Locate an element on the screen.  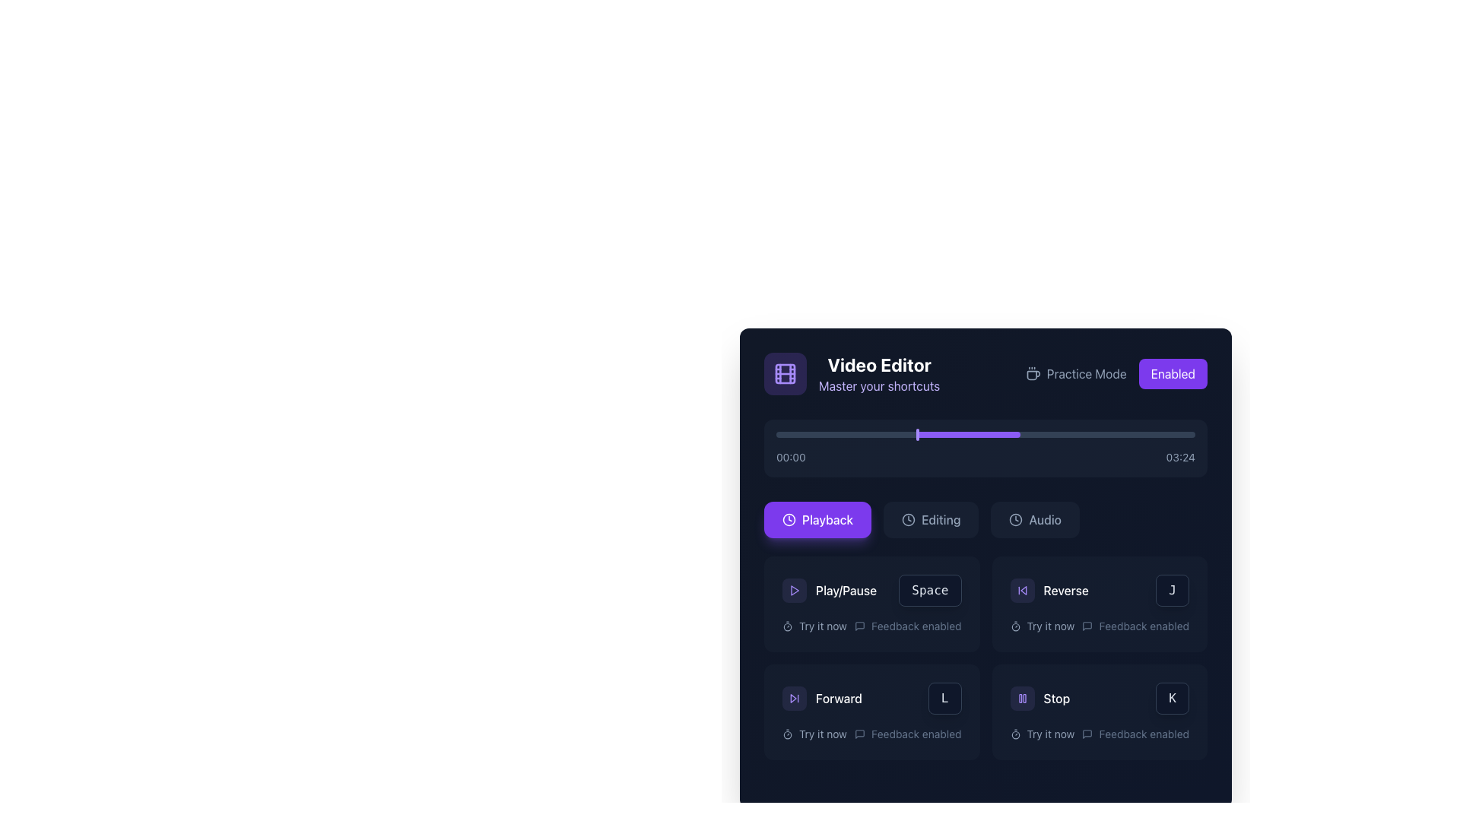
the Icon button within the 'Forward' button is located at coordinates (794, 698).